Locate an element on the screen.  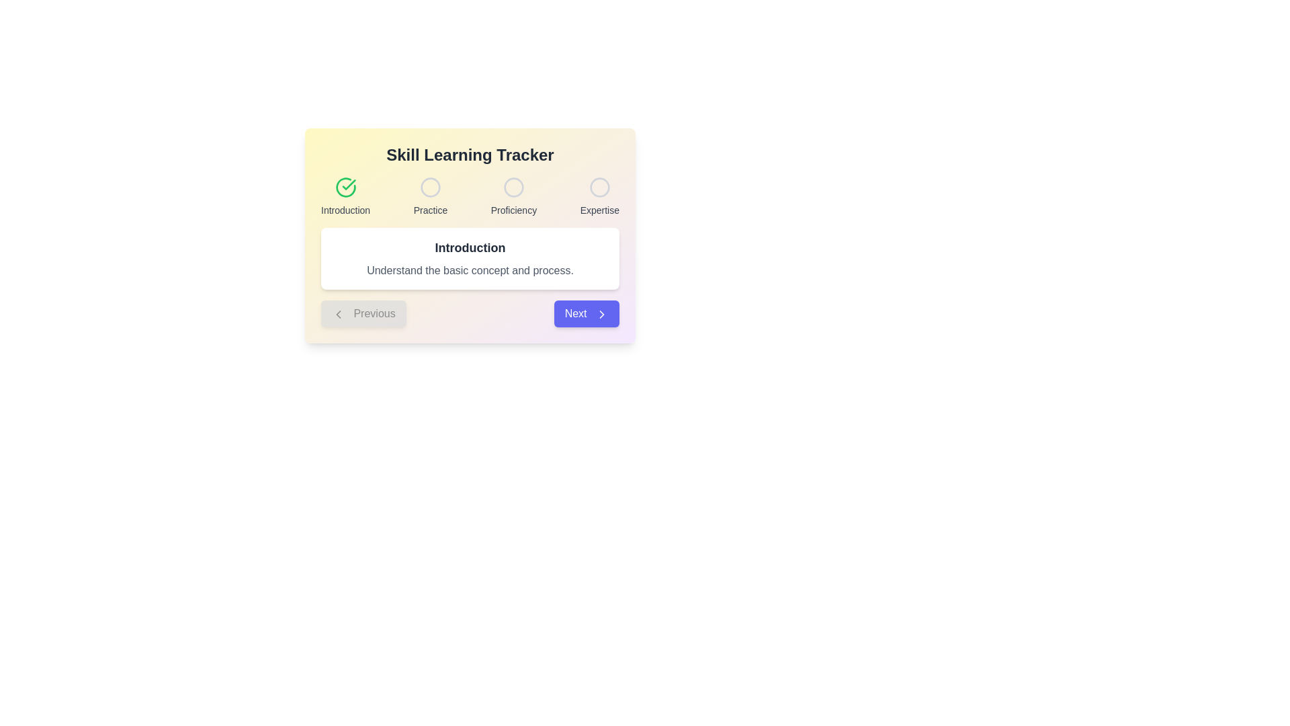
the progress status of the progress tracker located centrally below the 'Skill Learning Tracker' heading is located at coordinates (470, 197).